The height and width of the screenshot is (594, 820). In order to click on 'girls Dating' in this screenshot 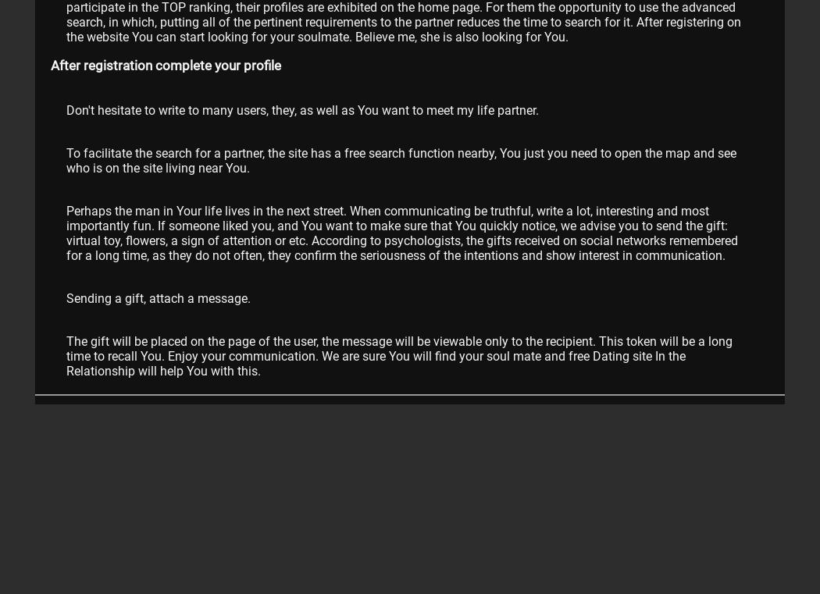, I will do `click(176, 500)`.